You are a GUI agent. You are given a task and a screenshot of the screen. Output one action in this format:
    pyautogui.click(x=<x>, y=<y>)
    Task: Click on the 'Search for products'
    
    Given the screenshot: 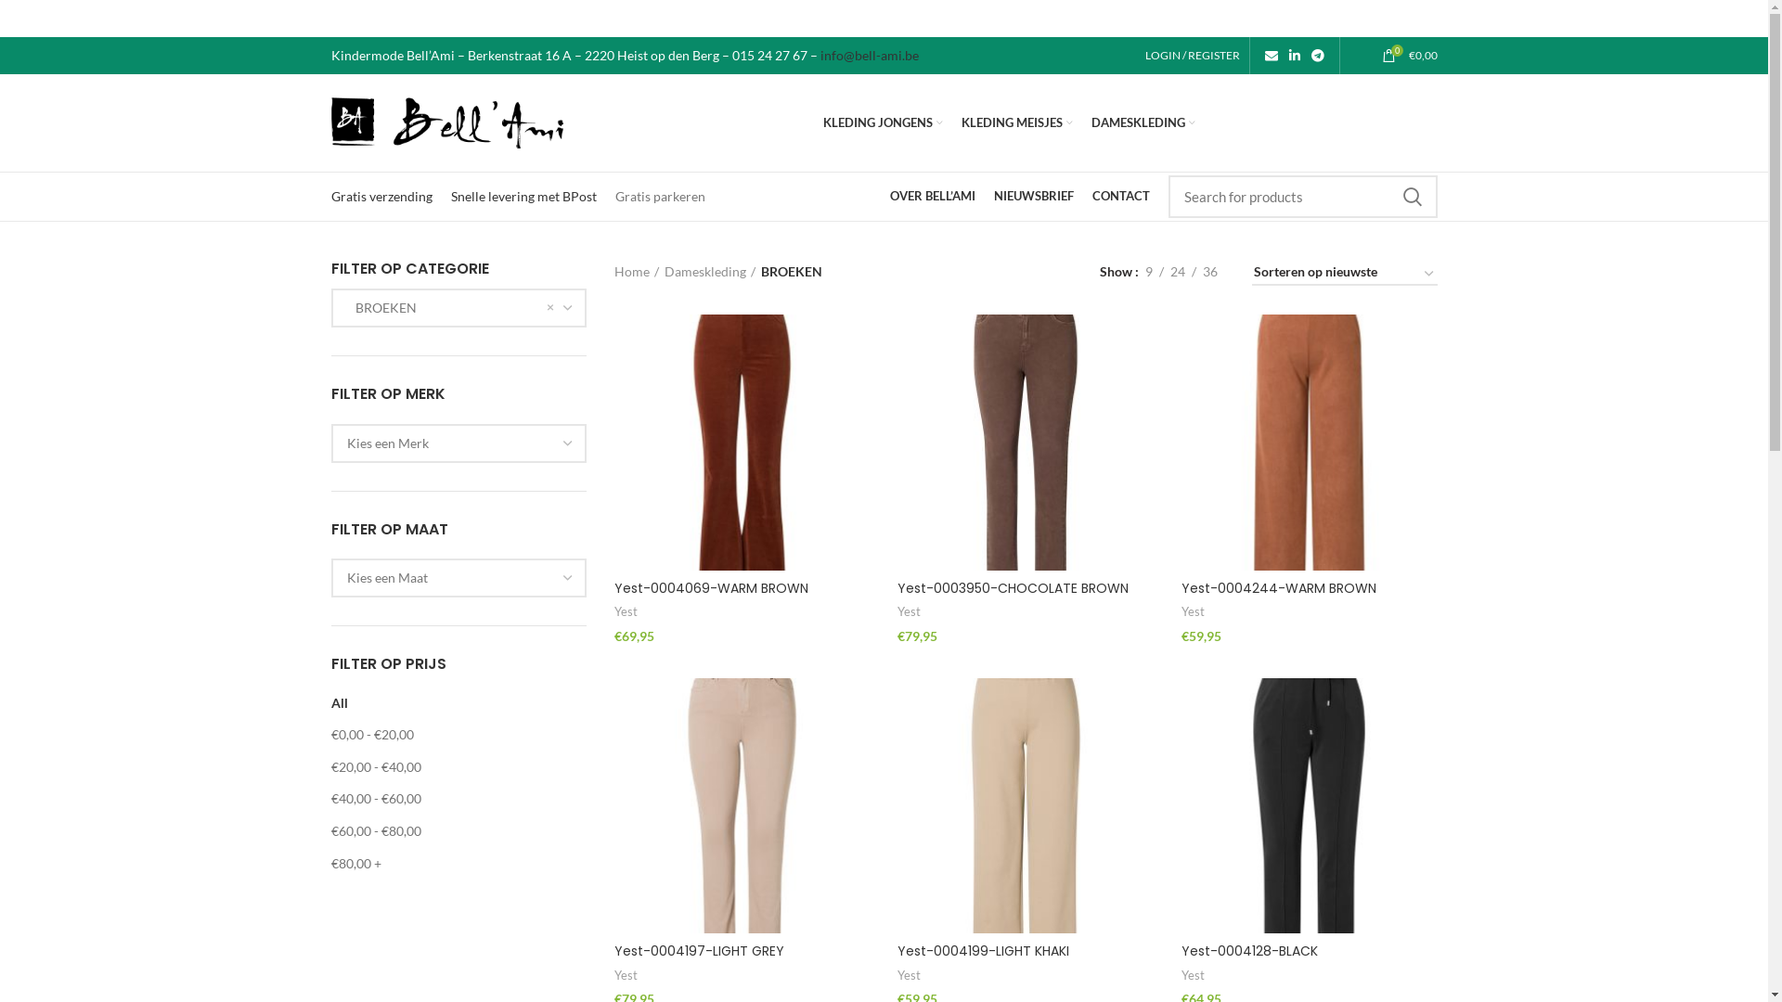 What is the action you would take?
    pyautogui.click(x=1300, y=197)
    